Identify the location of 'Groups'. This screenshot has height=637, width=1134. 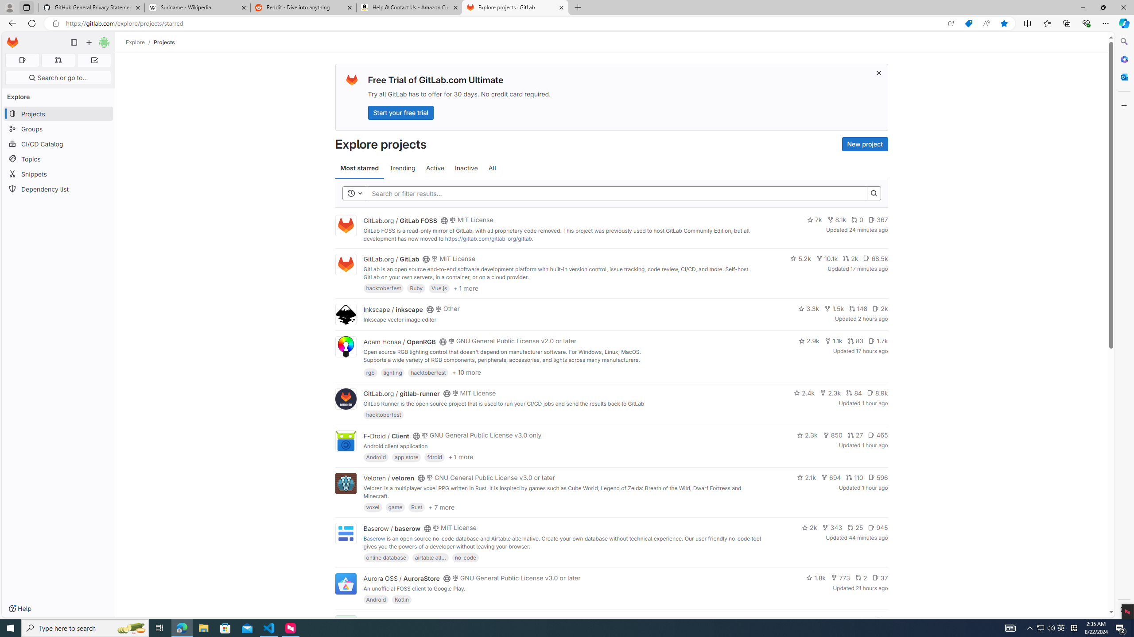
(58, 129).